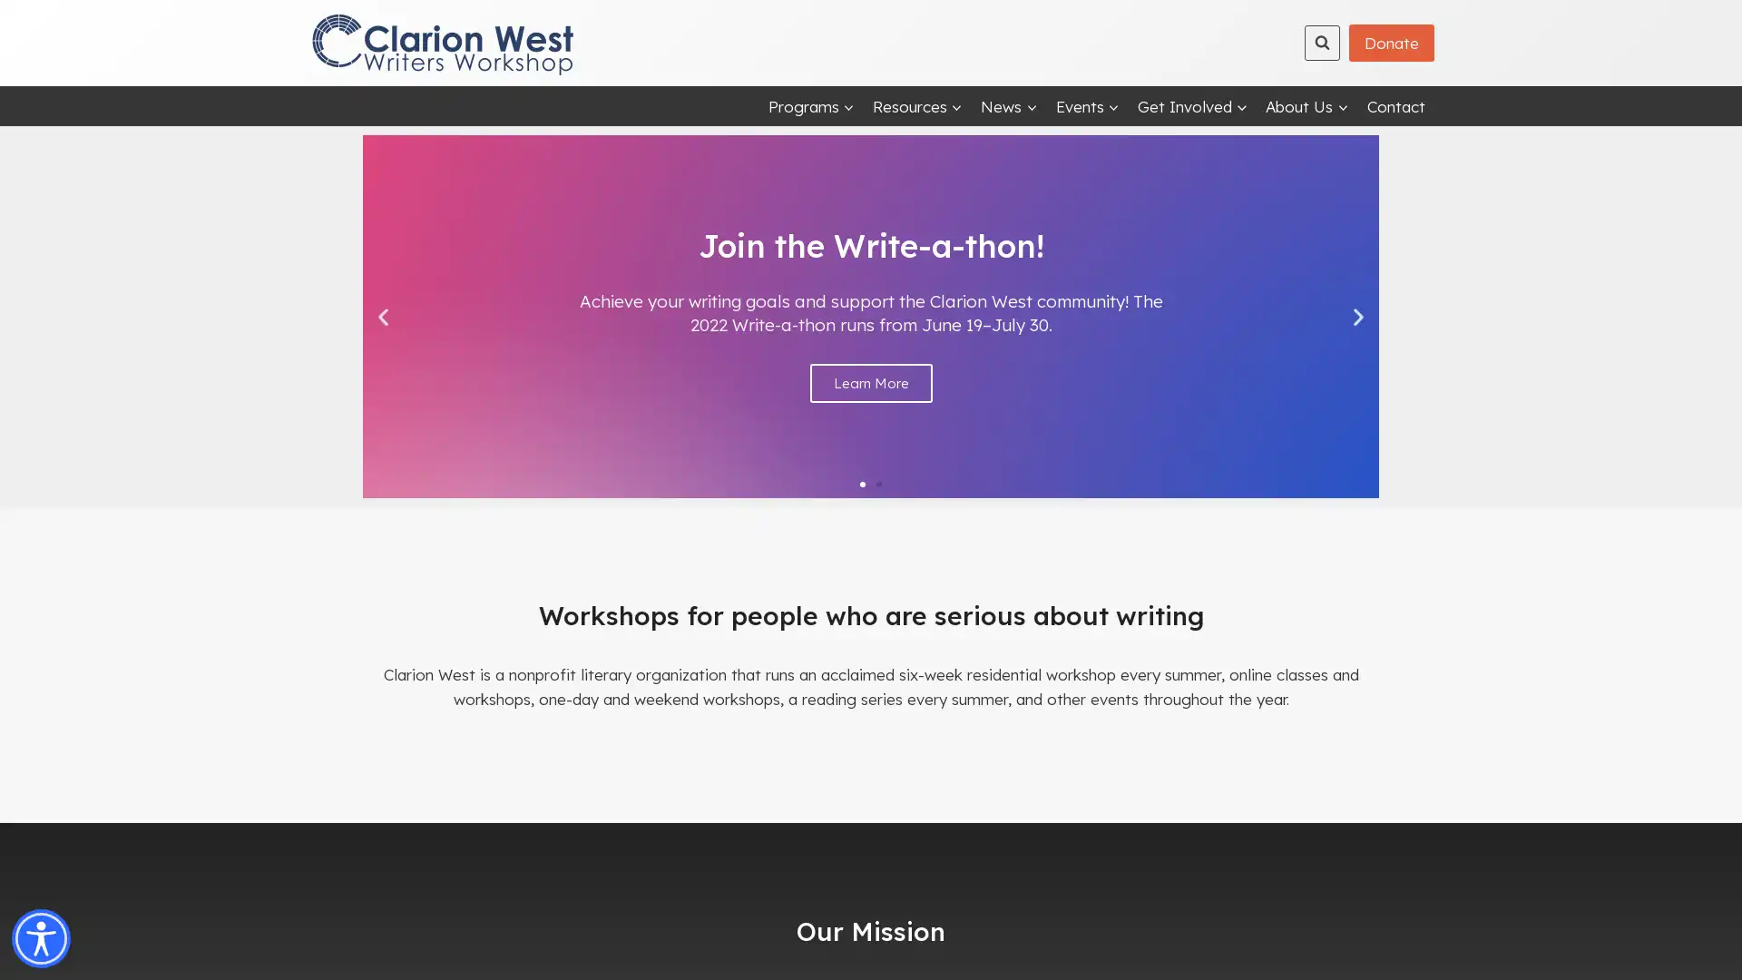  What do you see at coordinates (809, 105) in the screenshot?
I see `Expand child menu` at bounding box center [809, 105].